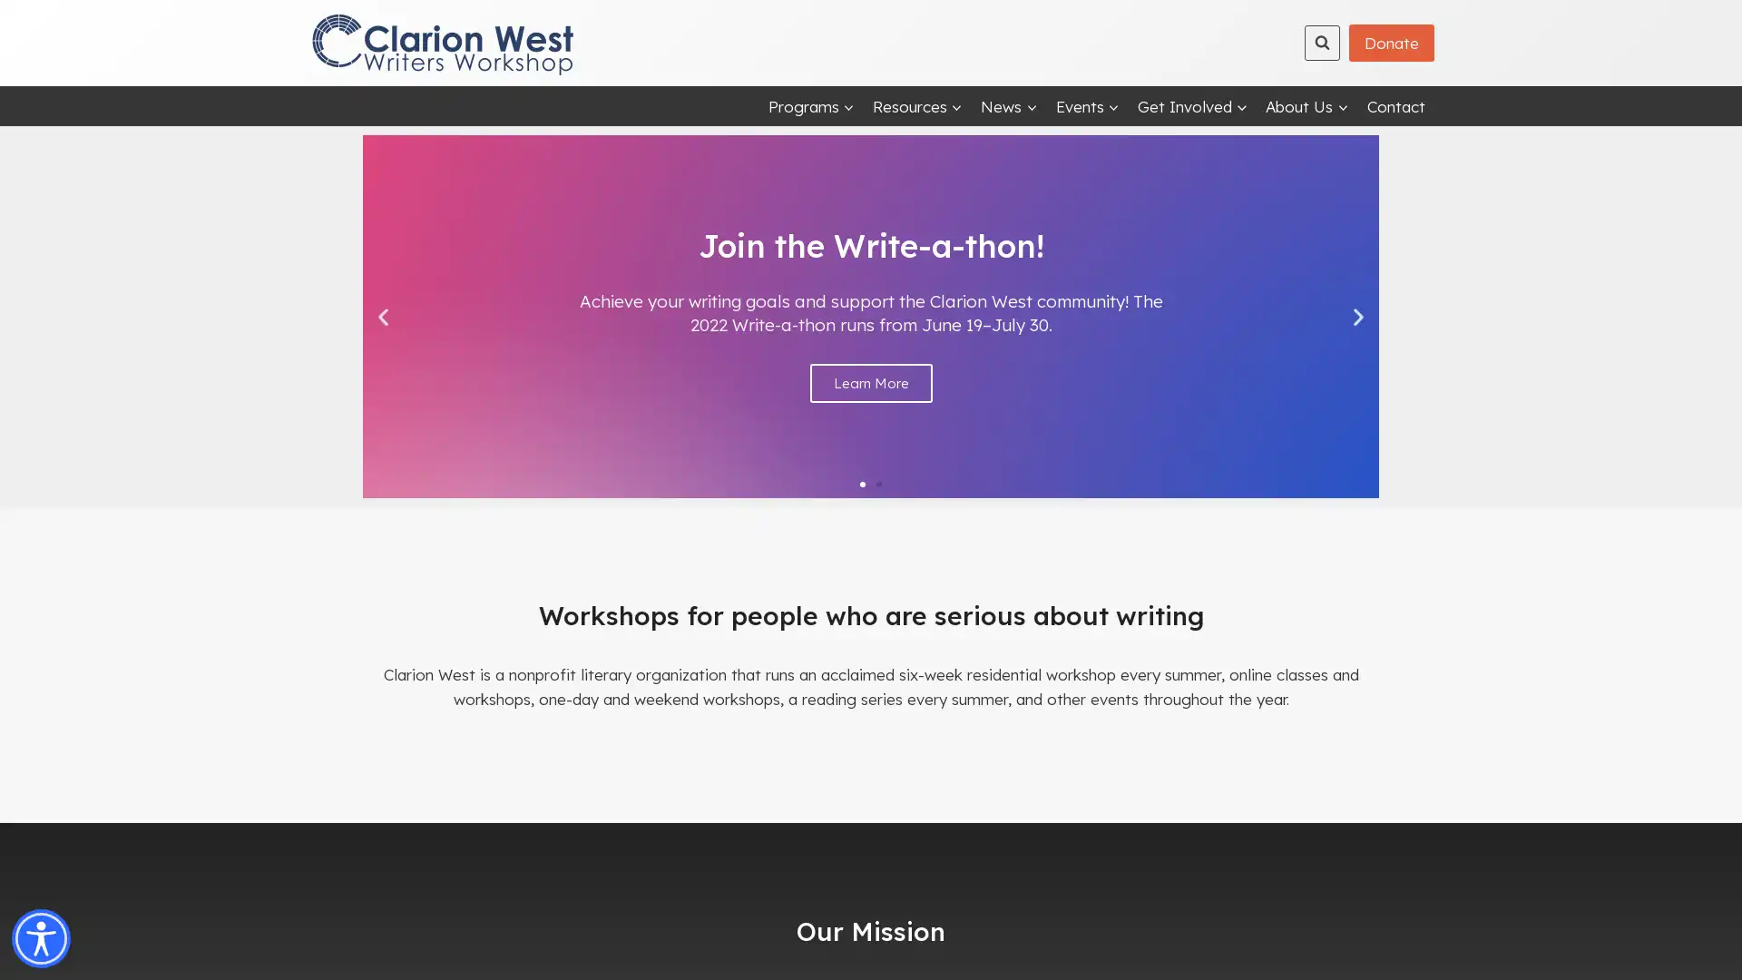  What do you see at coordinates (809, 105) in the screenshot?
I see `Expand child menu` at bounding box center [809, 105].